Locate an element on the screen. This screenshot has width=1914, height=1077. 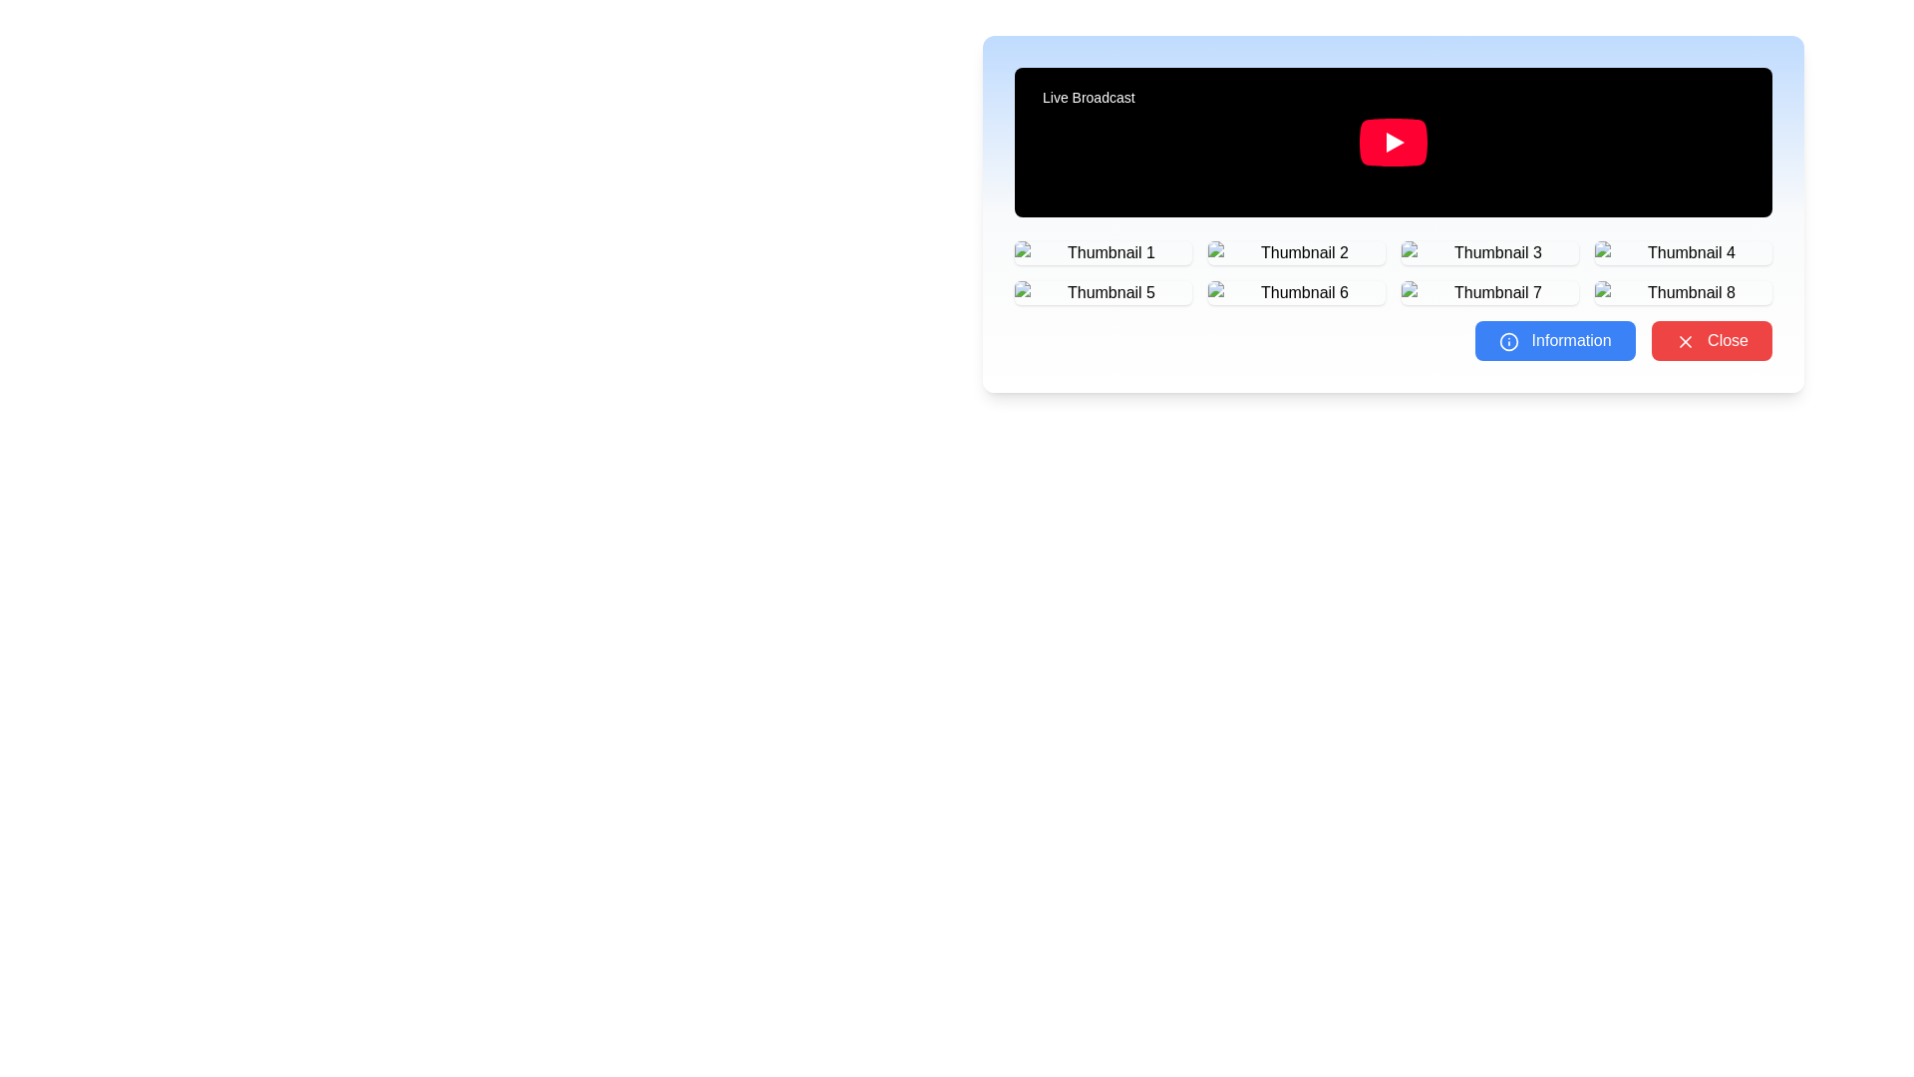
the closure vector icon located inside the 'Close' button, which is a red button positioned at the bottom-right of the interface is located at coordinates (1684, 340).